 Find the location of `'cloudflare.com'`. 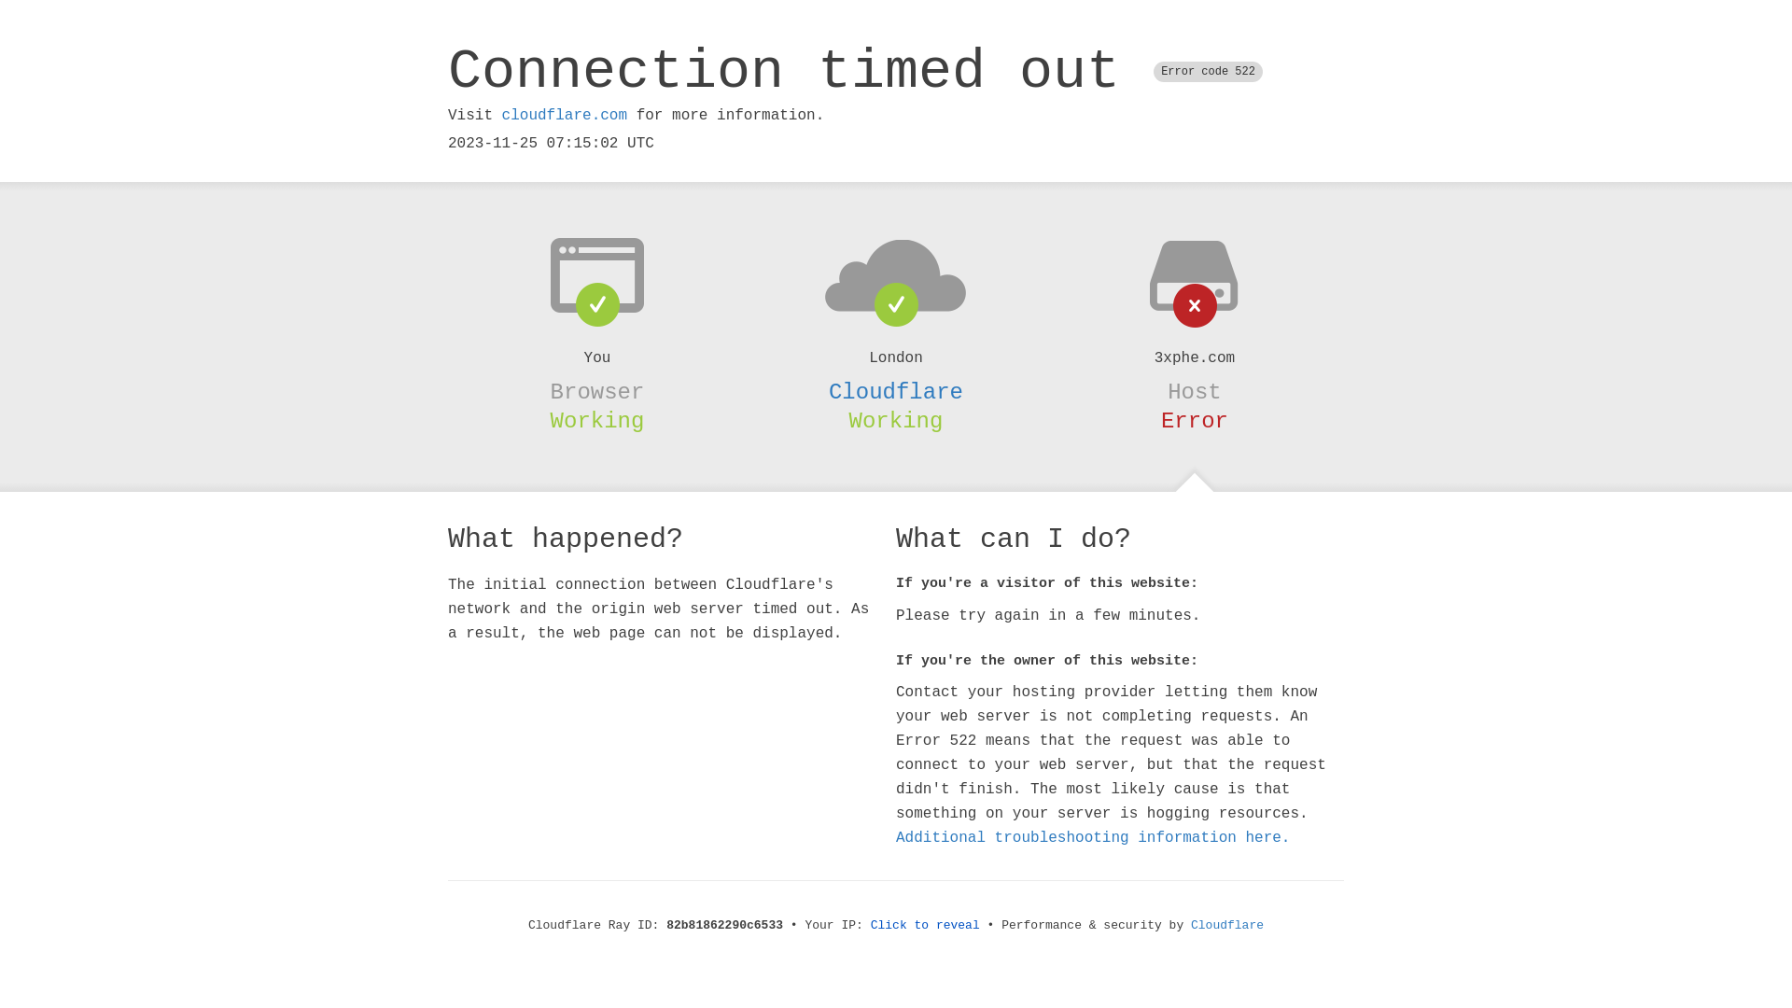

'cloudflare.com' is located at coordinates (563, 115).